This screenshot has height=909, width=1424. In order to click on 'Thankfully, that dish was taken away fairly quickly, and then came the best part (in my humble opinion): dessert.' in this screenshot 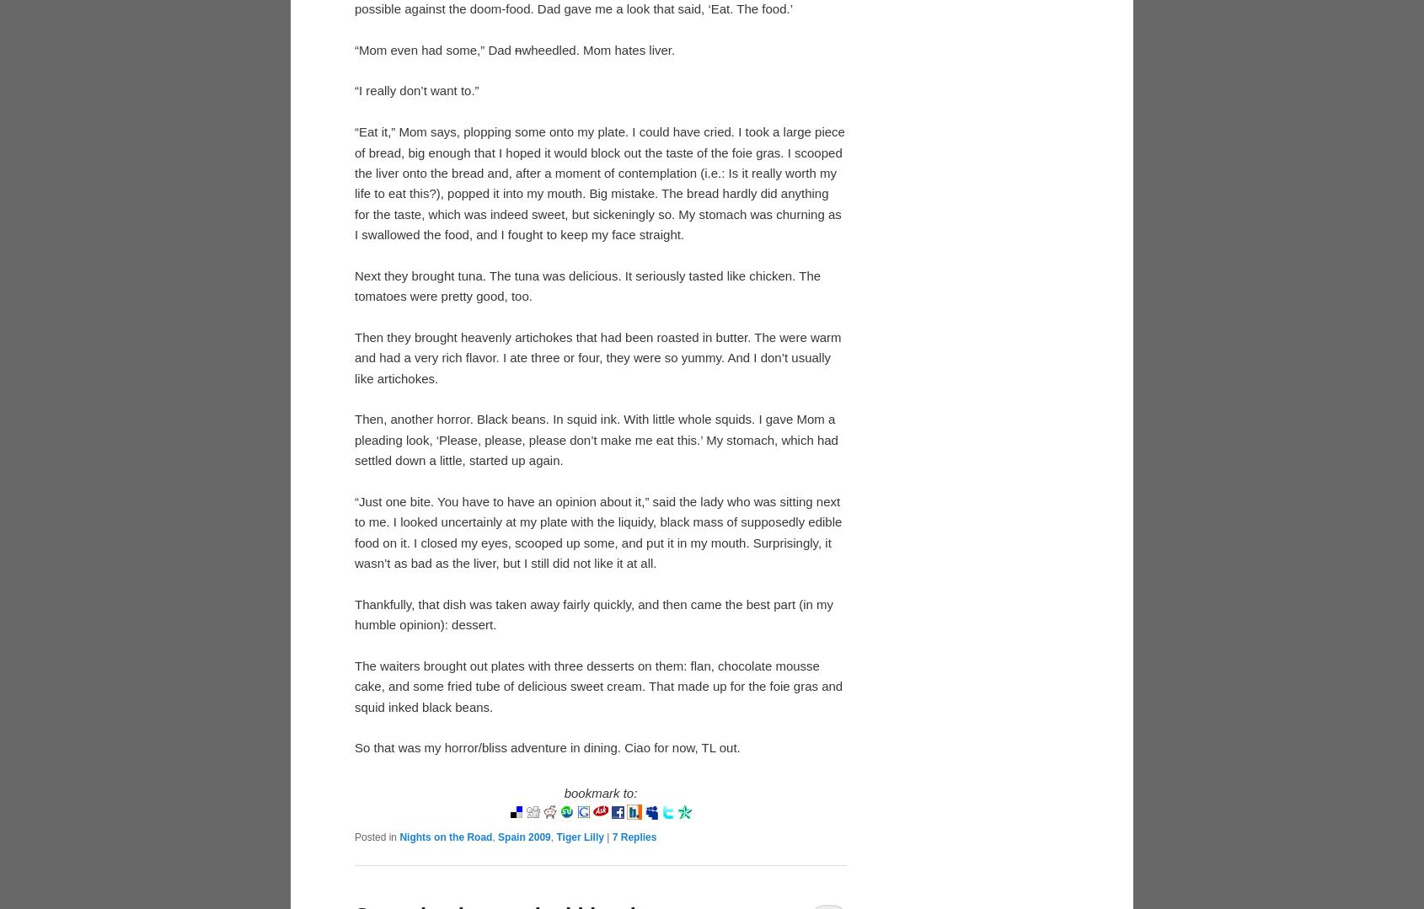, I will do `click(353, 612)`.